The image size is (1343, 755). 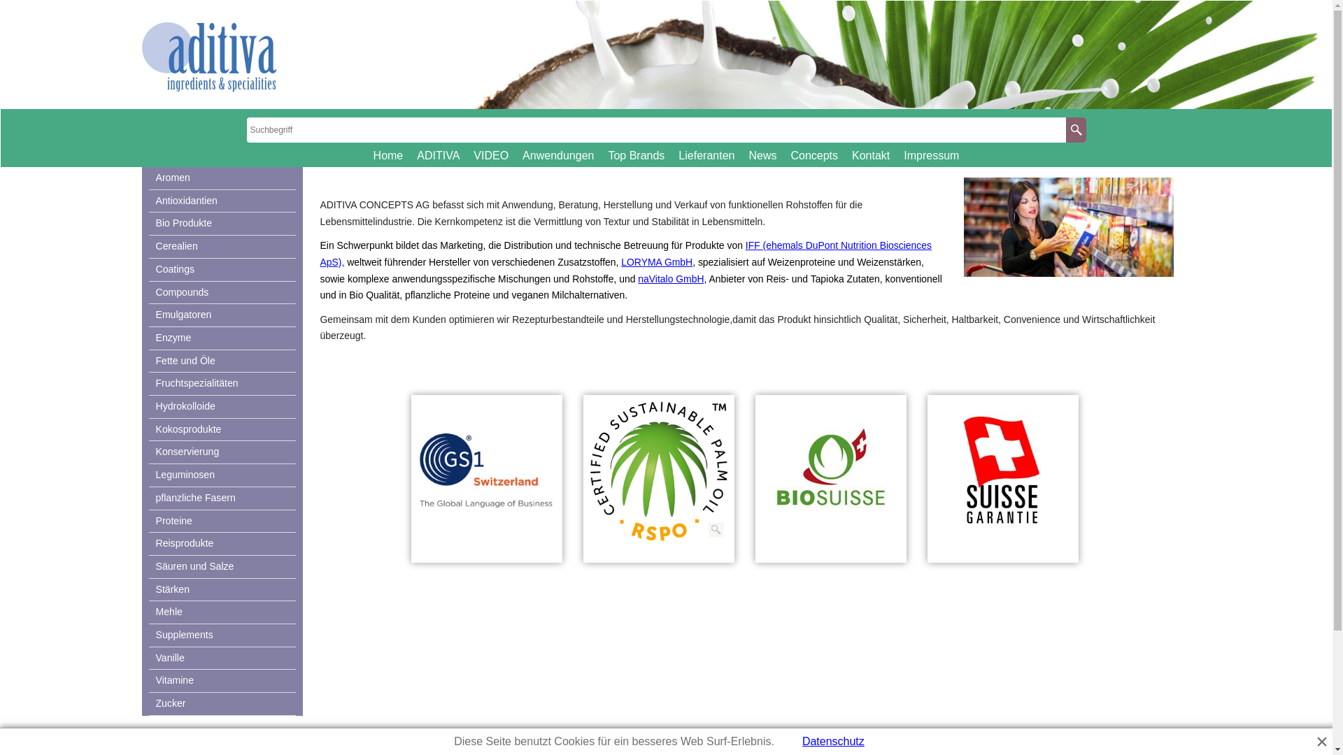 What do you see at coordinates (220, 407) in the screenshot?
I see `'Hydrokolloide'` at bounding box center [220, 407].